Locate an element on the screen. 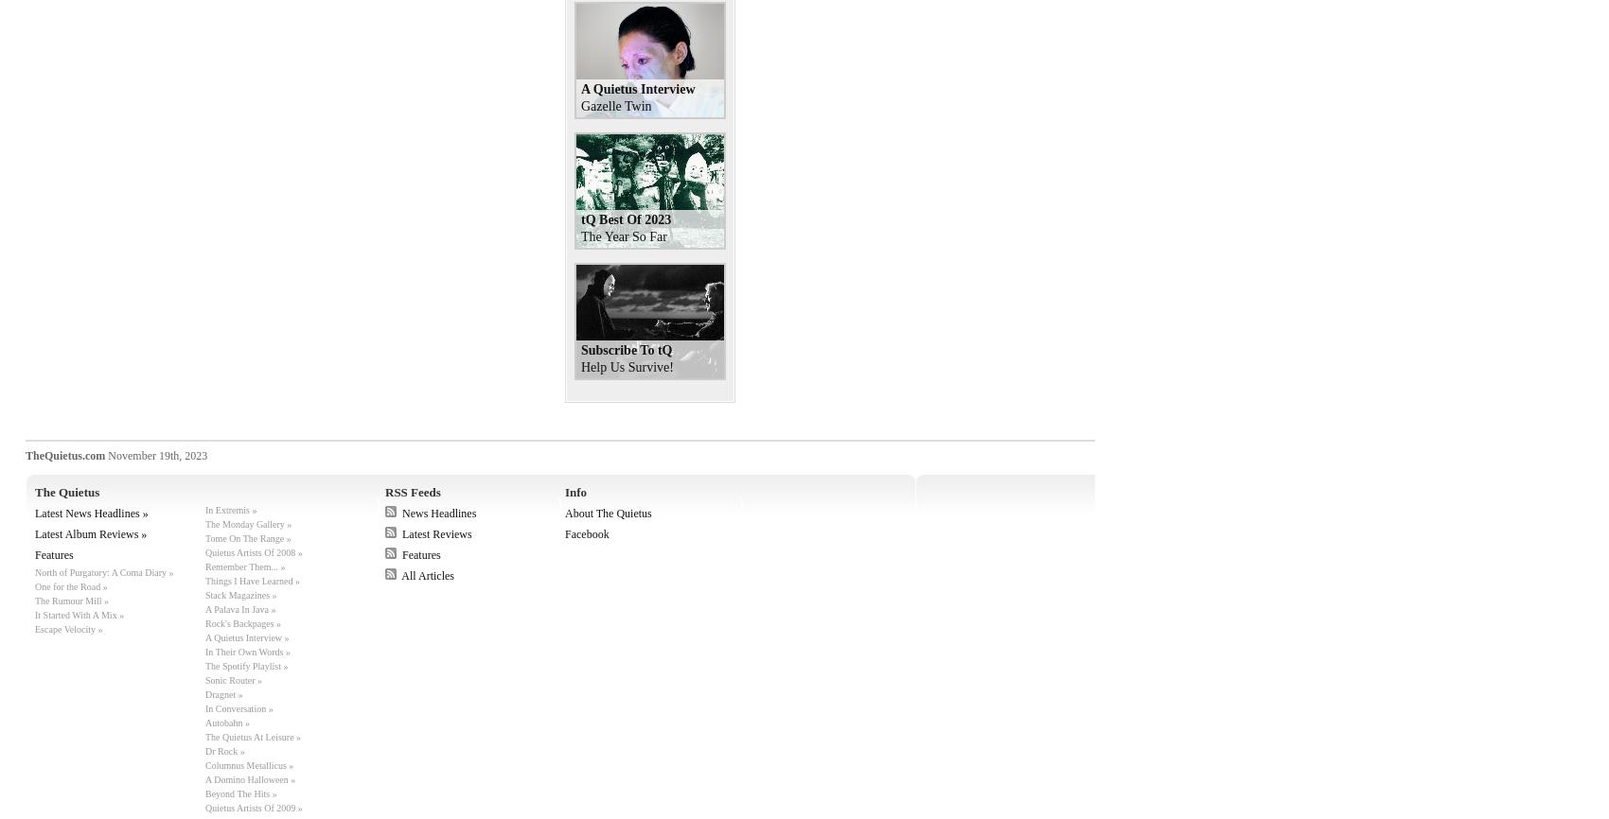 Image resolution: width=1609 pixels, height=819 pixels. 'Dr Rock »' is located at coordinates (224, 750).